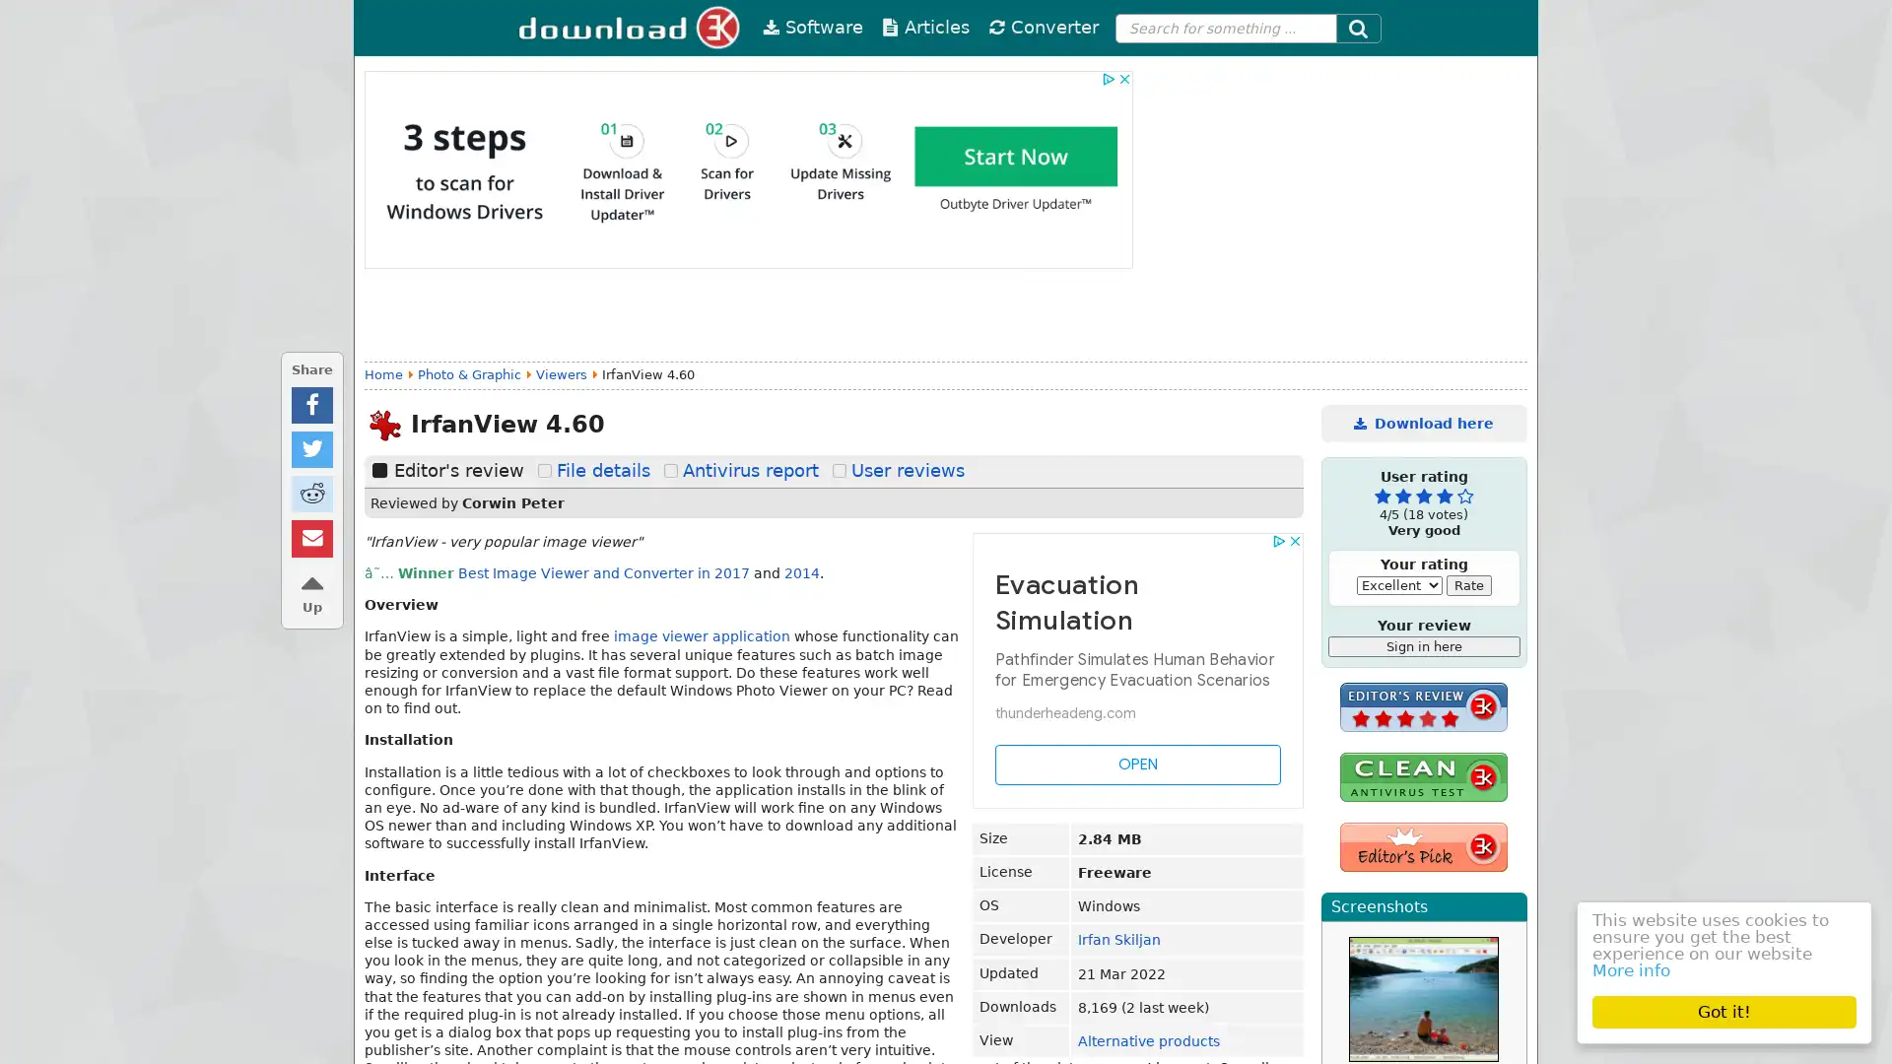  What do you see at coordinates (1423, 646) in the screenshot?
I see `Sign in here` at bounding box center [1423, 646].